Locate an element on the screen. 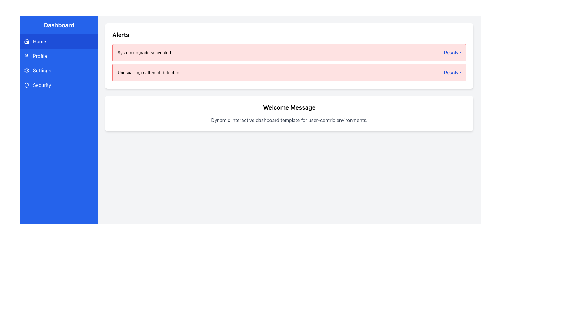 This screenshot has width=582, height=327. the blue text hyperlink 'Resolve' located on the right side of the alert bar labeled 'System upgrade scheduled' is located at coordinates (452, 52).